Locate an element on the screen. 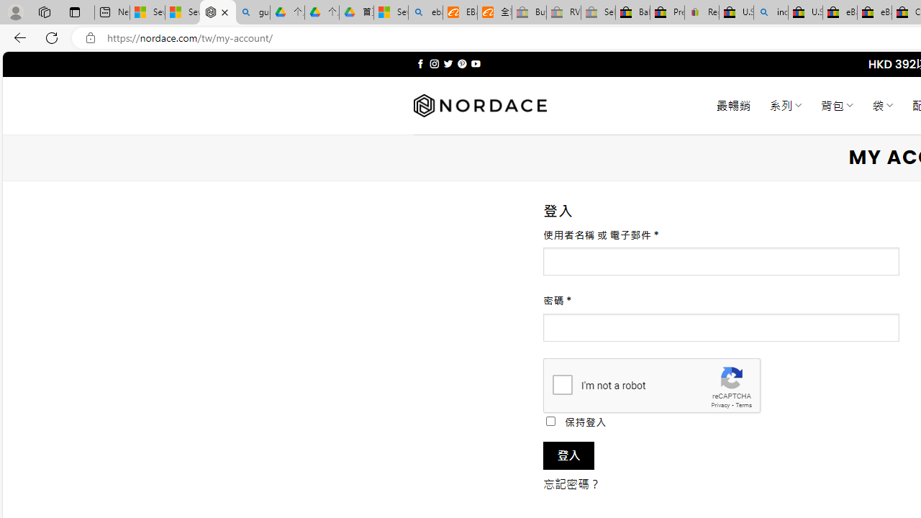 The height and width of the screenshot is (518, 921). 'Follow on Instagram' is located at coordinates (433, 63).